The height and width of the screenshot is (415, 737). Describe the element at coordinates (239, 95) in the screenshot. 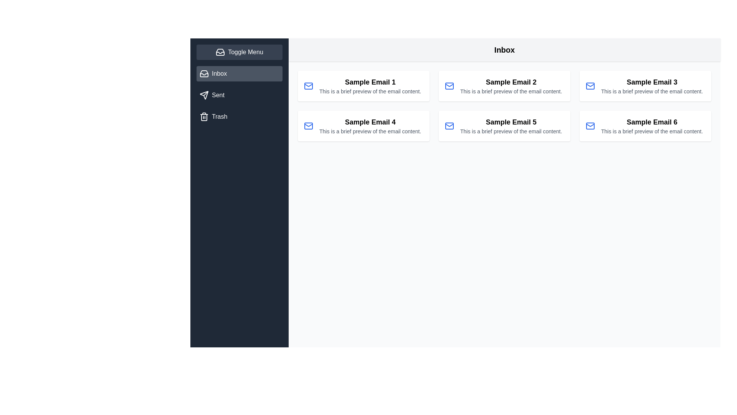

I see `the second button in the vertical stack of three buttons within the sidebar` at that location.